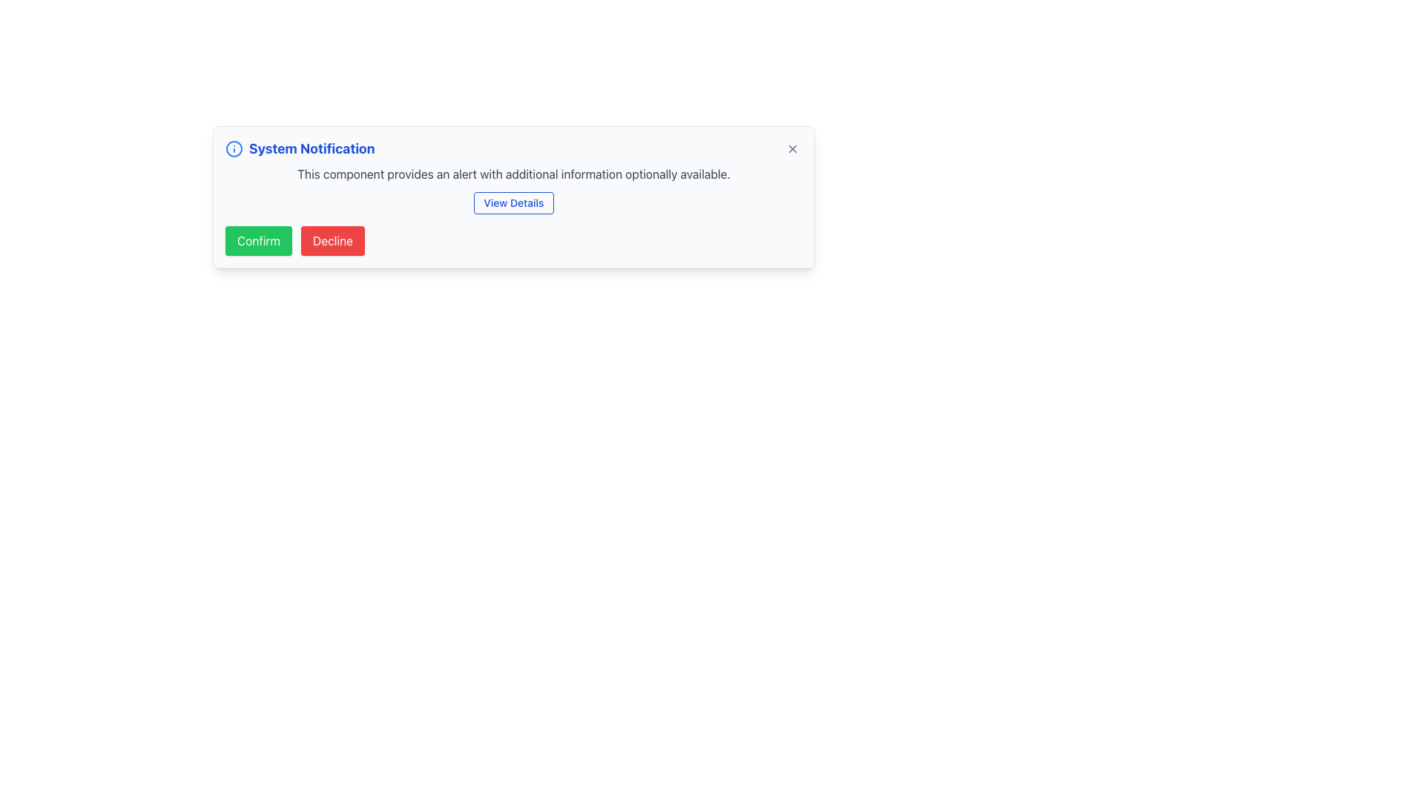 This screenshot has height=801, width=1424. What do you see at coordinates (332, 240) in the screenshot?
I see `the 'Decline' button, which is the second button in a horizontal grouping located to the right of the 'Confirm' button` at bounding box center [332, 240].